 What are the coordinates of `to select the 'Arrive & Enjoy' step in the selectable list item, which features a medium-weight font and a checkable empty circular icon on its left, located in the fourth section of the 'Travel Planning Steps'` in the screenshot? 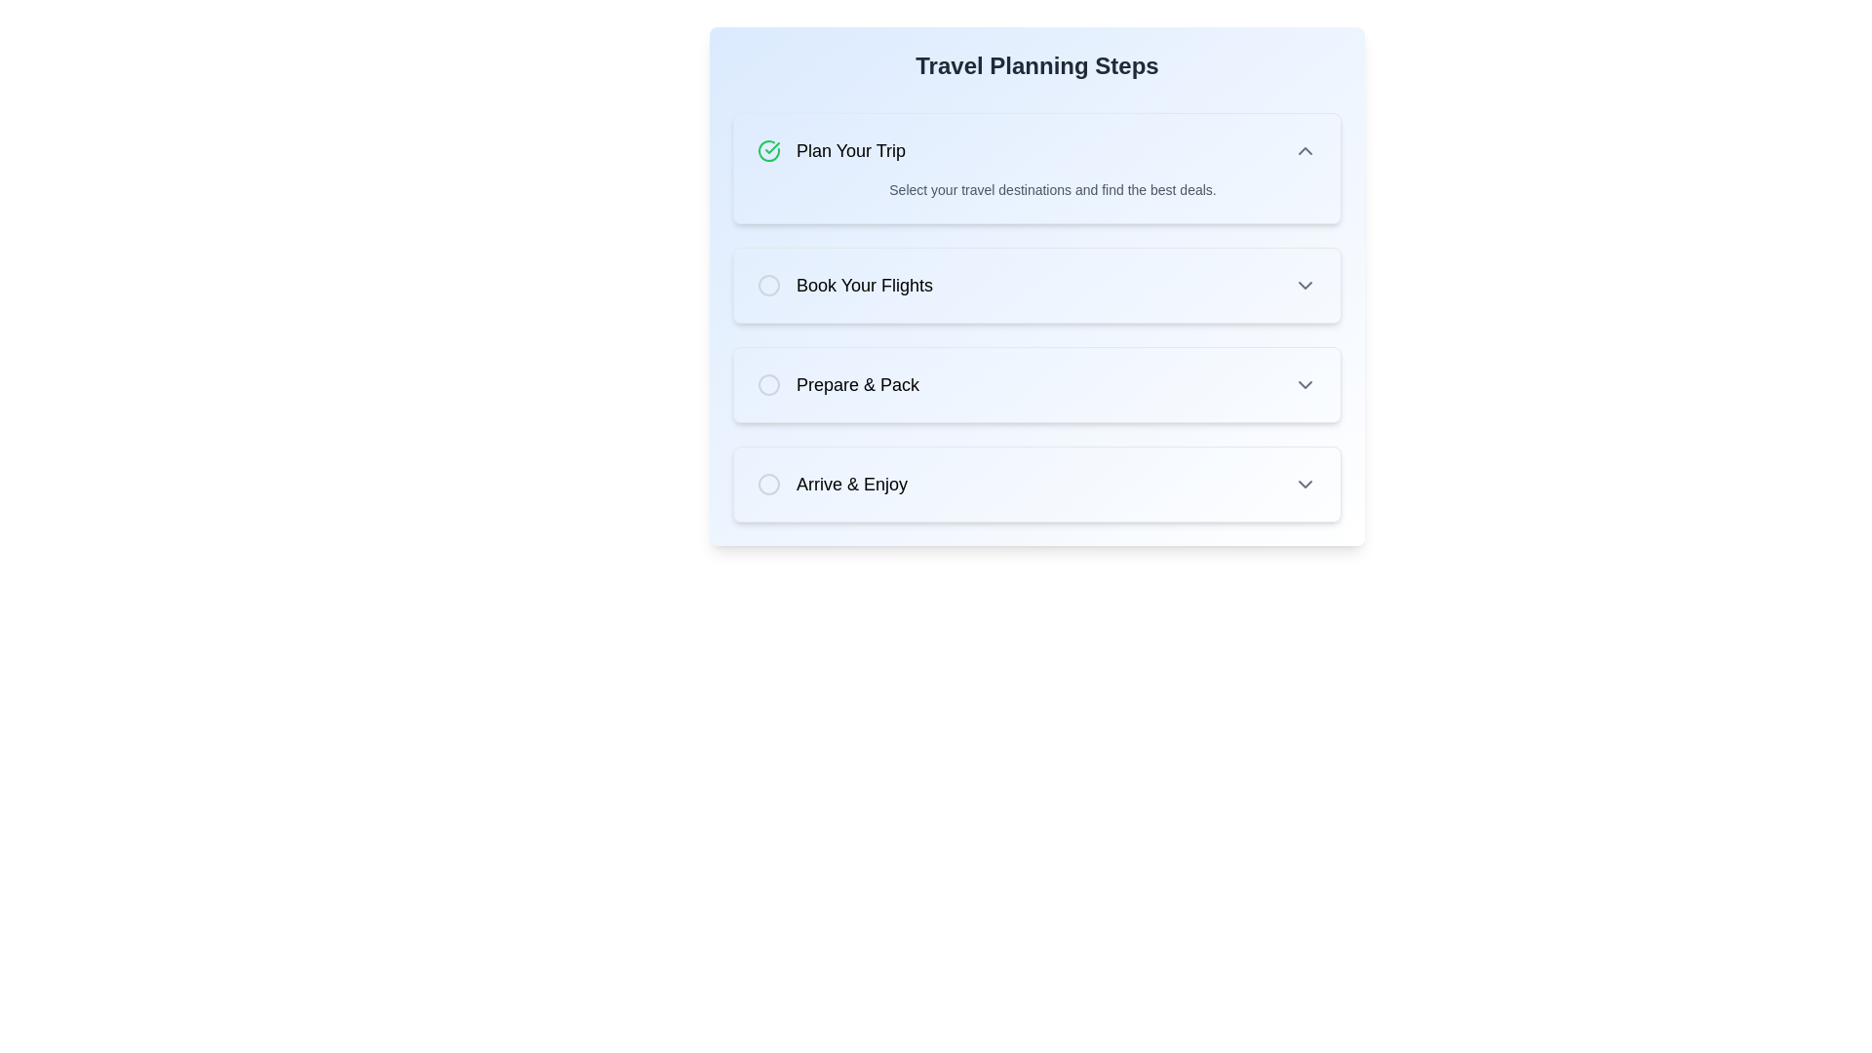 It's located at (833, 484).